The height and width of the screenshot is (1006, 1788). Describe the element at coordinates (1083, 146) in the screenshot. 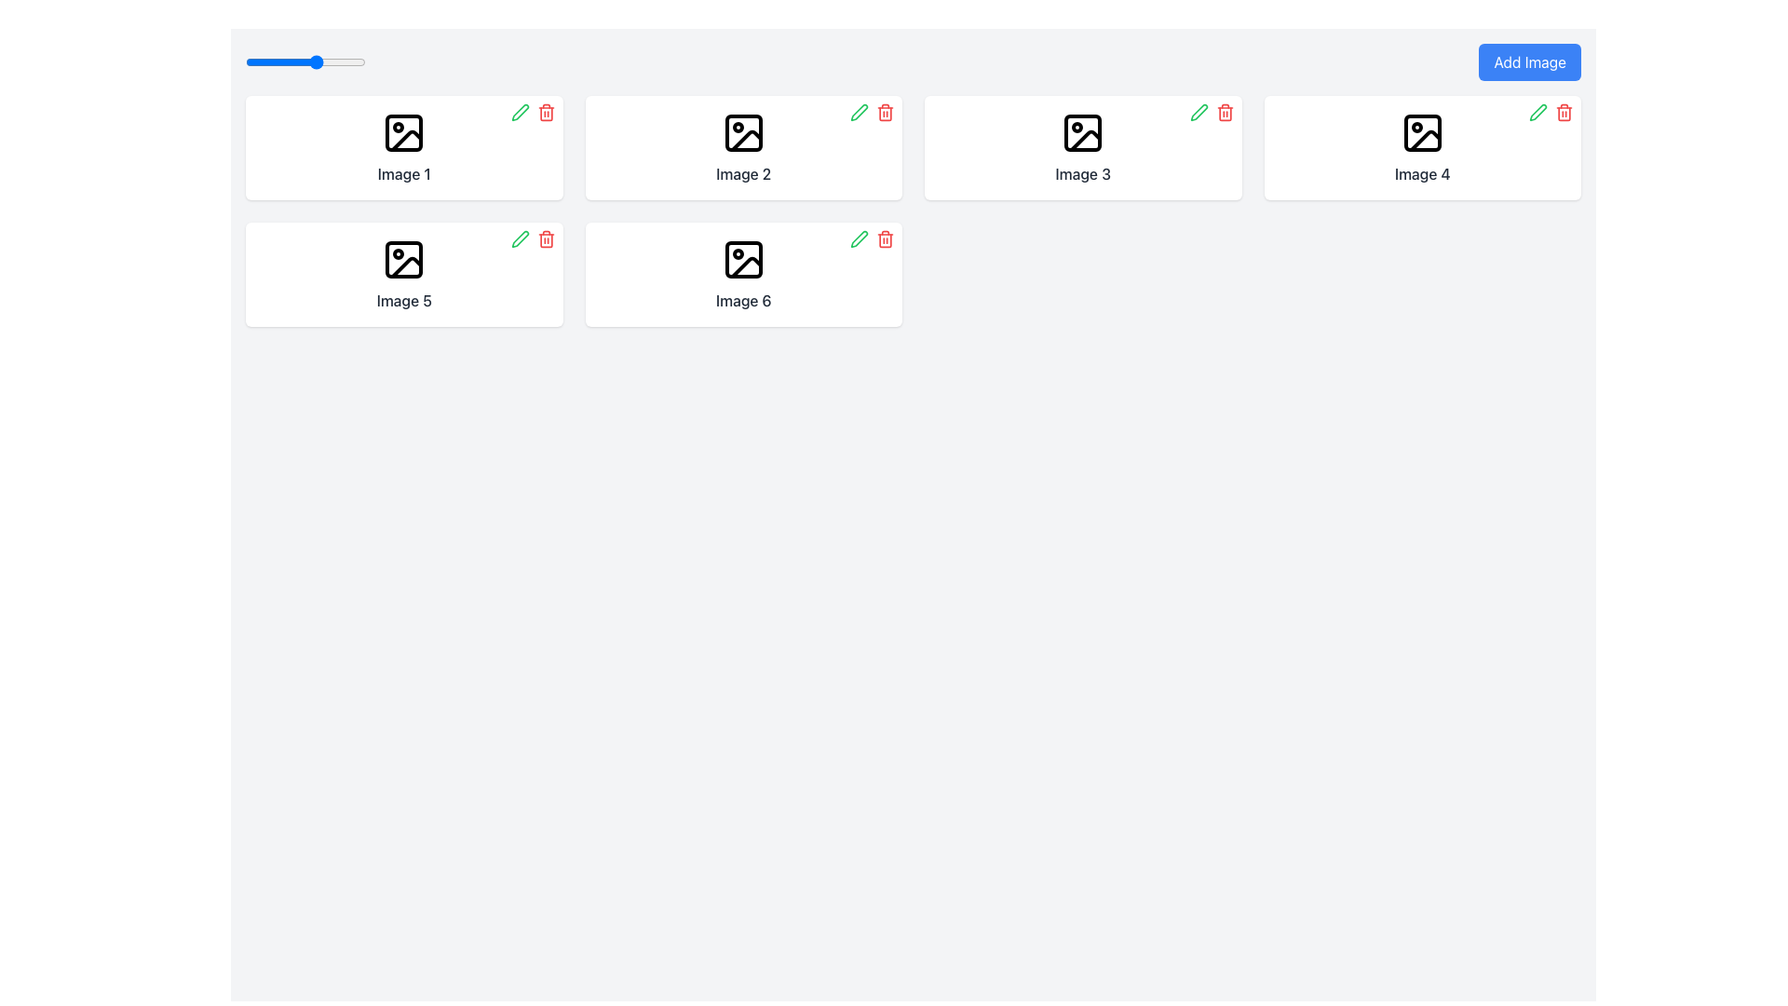

I see `the edit icon on the third image card in the gallery to modify the image details` at that location.